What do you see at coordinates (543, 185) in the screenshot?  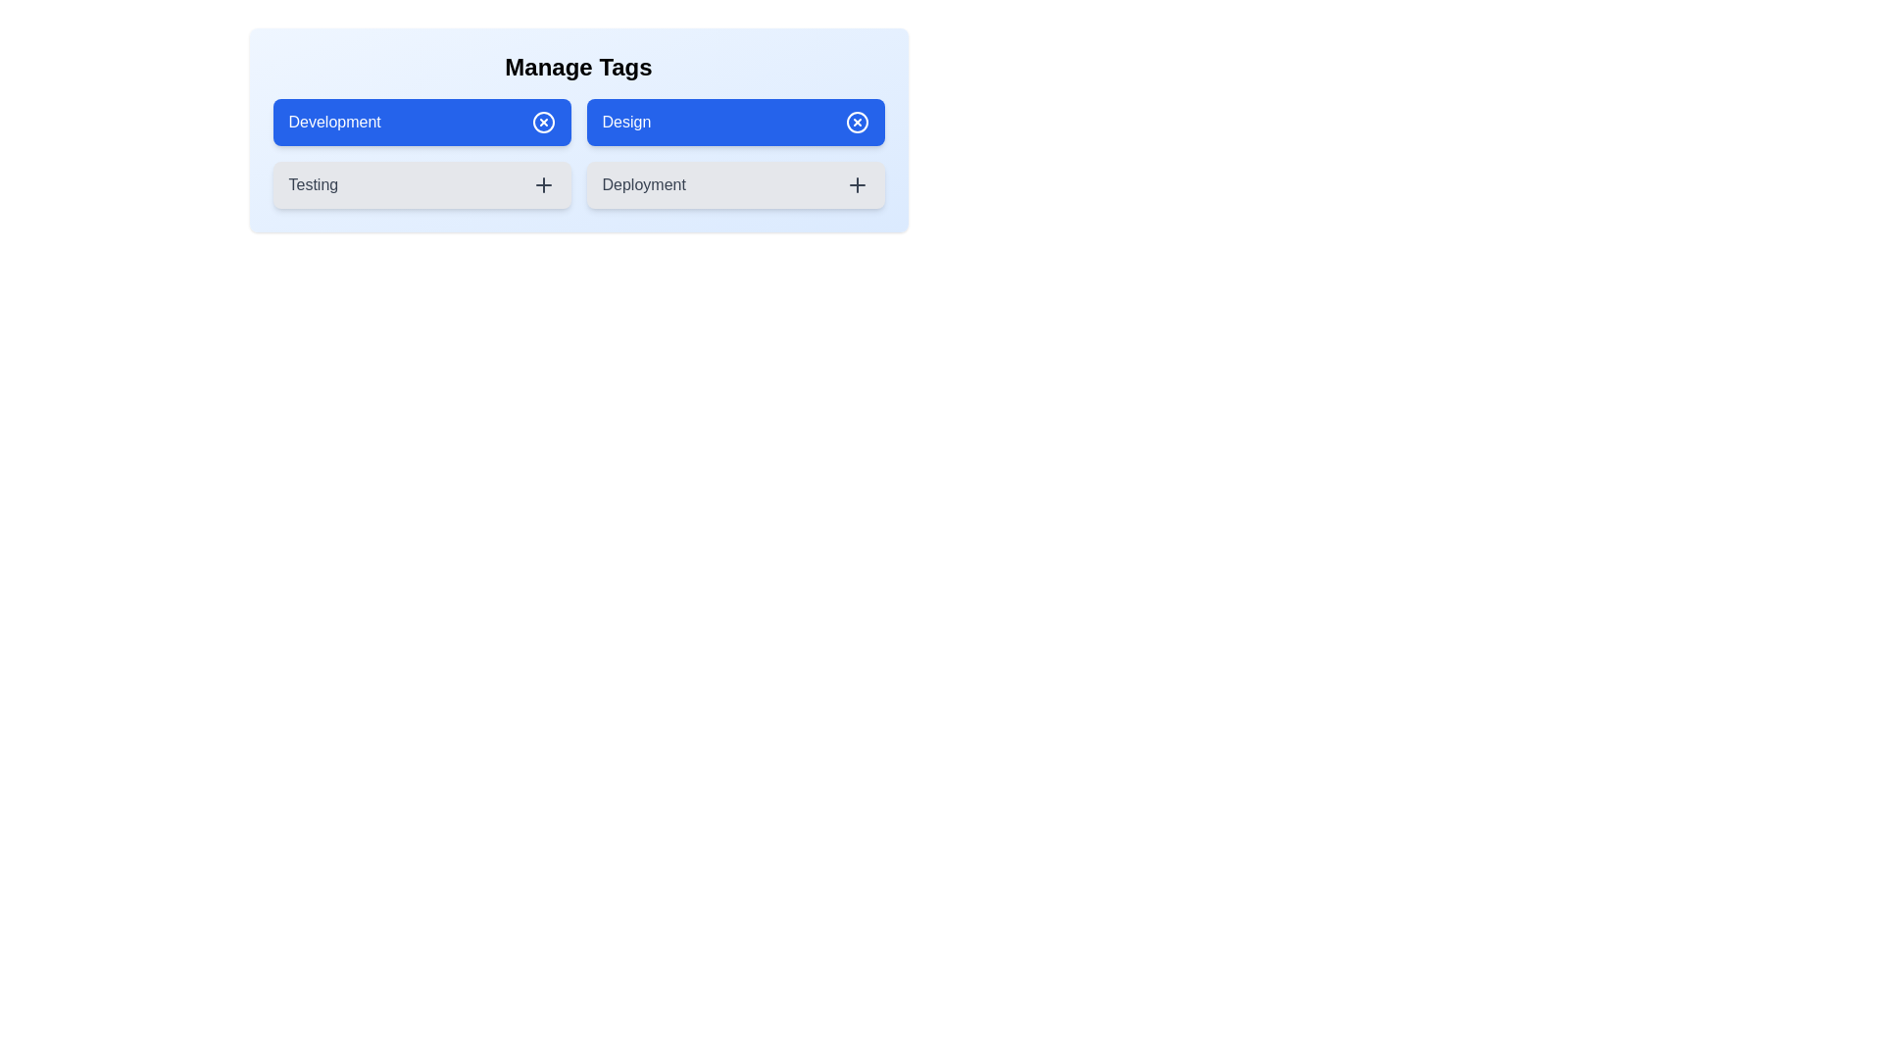 I see `the add icon for the tag Testing to add it` at bounding box center [543, 185].